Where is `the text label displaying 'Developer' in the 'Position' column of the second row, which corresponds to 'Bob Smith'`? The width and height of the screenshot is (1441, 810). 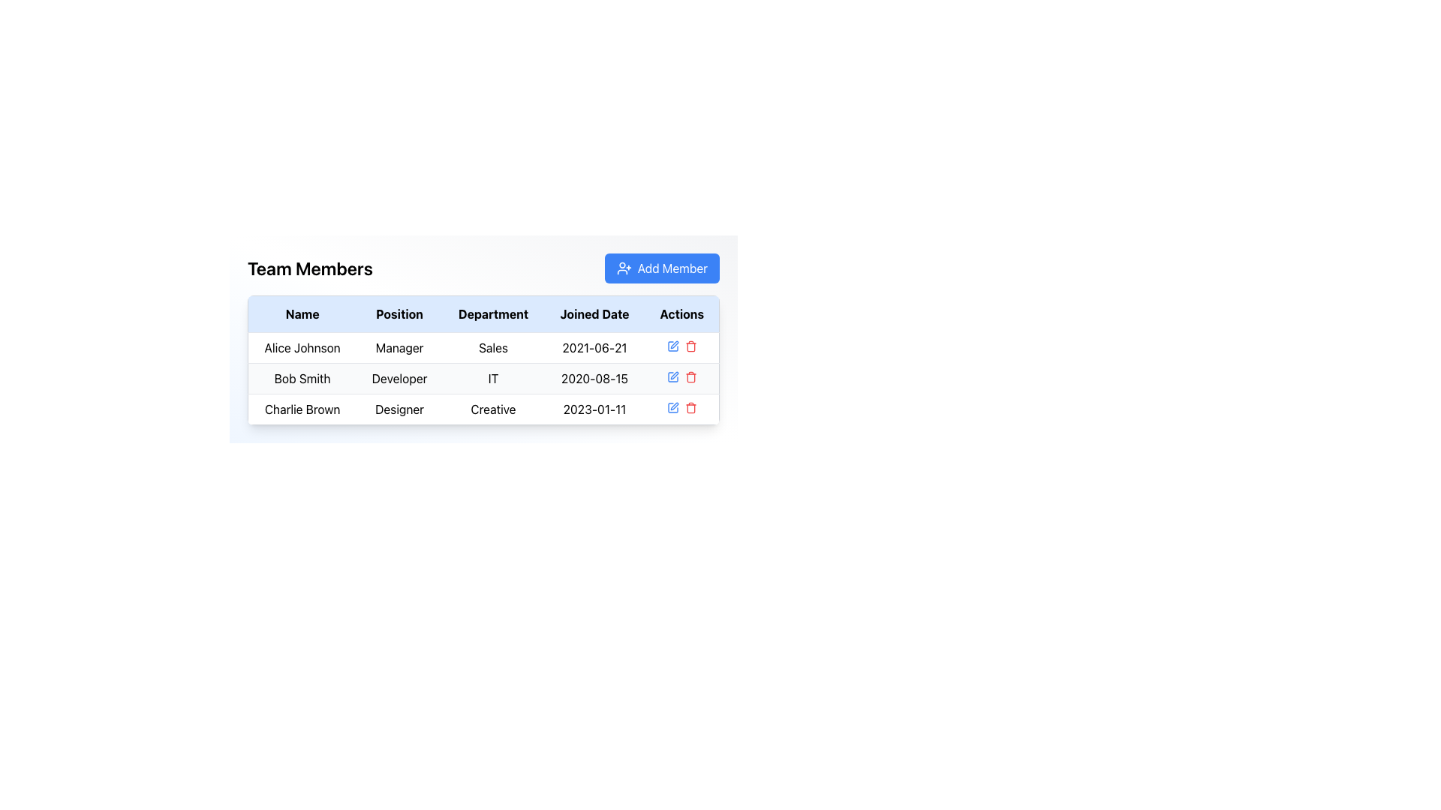 the text label displaying 'Developer' in the 'Position' column of the second row, which corresponds to 'Bob Smith' is located at coordinates (399, 378).